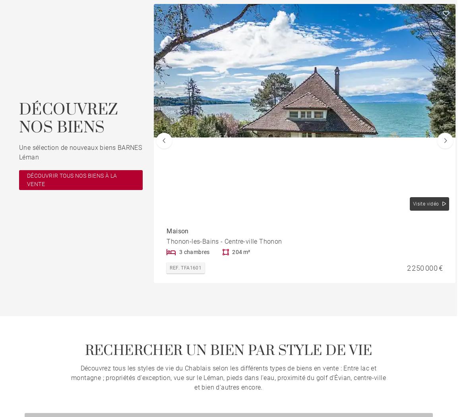  I want to click on '2 250 000 €', so click(406, 267).